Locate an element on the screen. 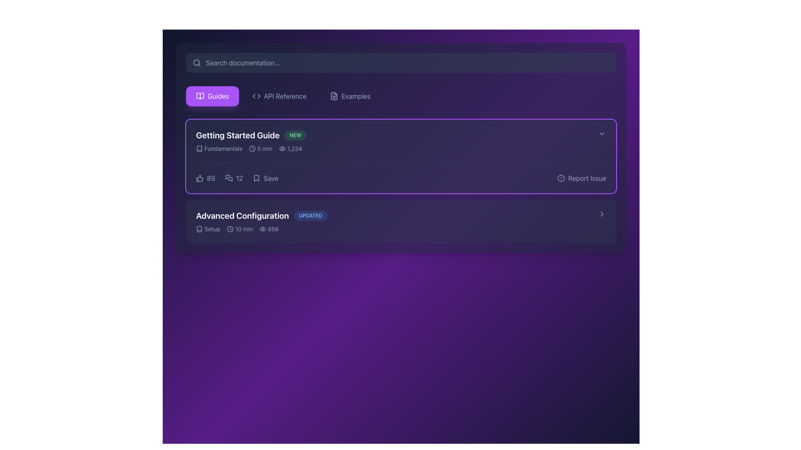  text from the label located at the bottom-left corner of the 'Advanced Configuration' card, adjacent to the book icon is located at coordinates (212, 229).